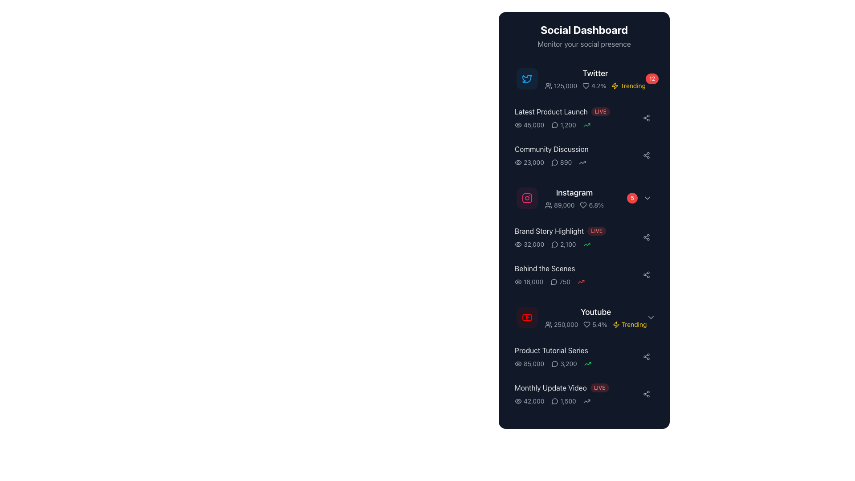  Describe the element at coordinates (586, 86) in the screenshot. I see `the heart-shaped icon used to signify likes or favorites, located to the right of the 'Instagram' text in the Social Dashboard` at that location.